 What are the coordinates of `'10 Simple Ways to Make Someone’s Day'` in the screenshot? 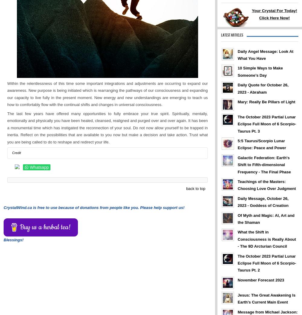 It's located at (260, 71).